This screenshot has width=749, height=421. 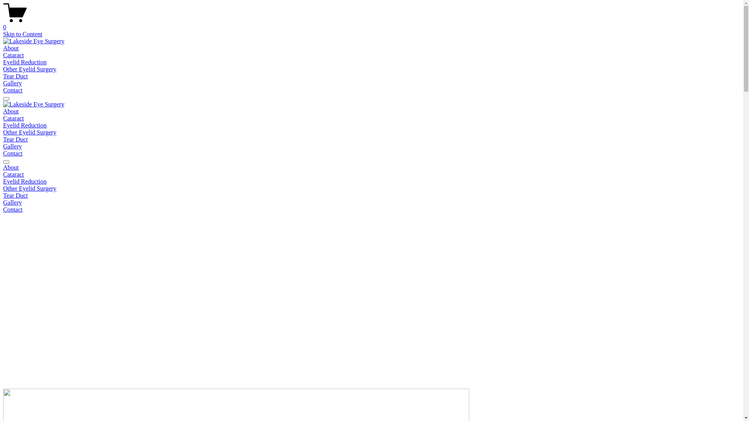 What do you see at coordinates (15, 76) in the screenshot?
I see `'Tear Duct'` at bounding box center [15, 76].